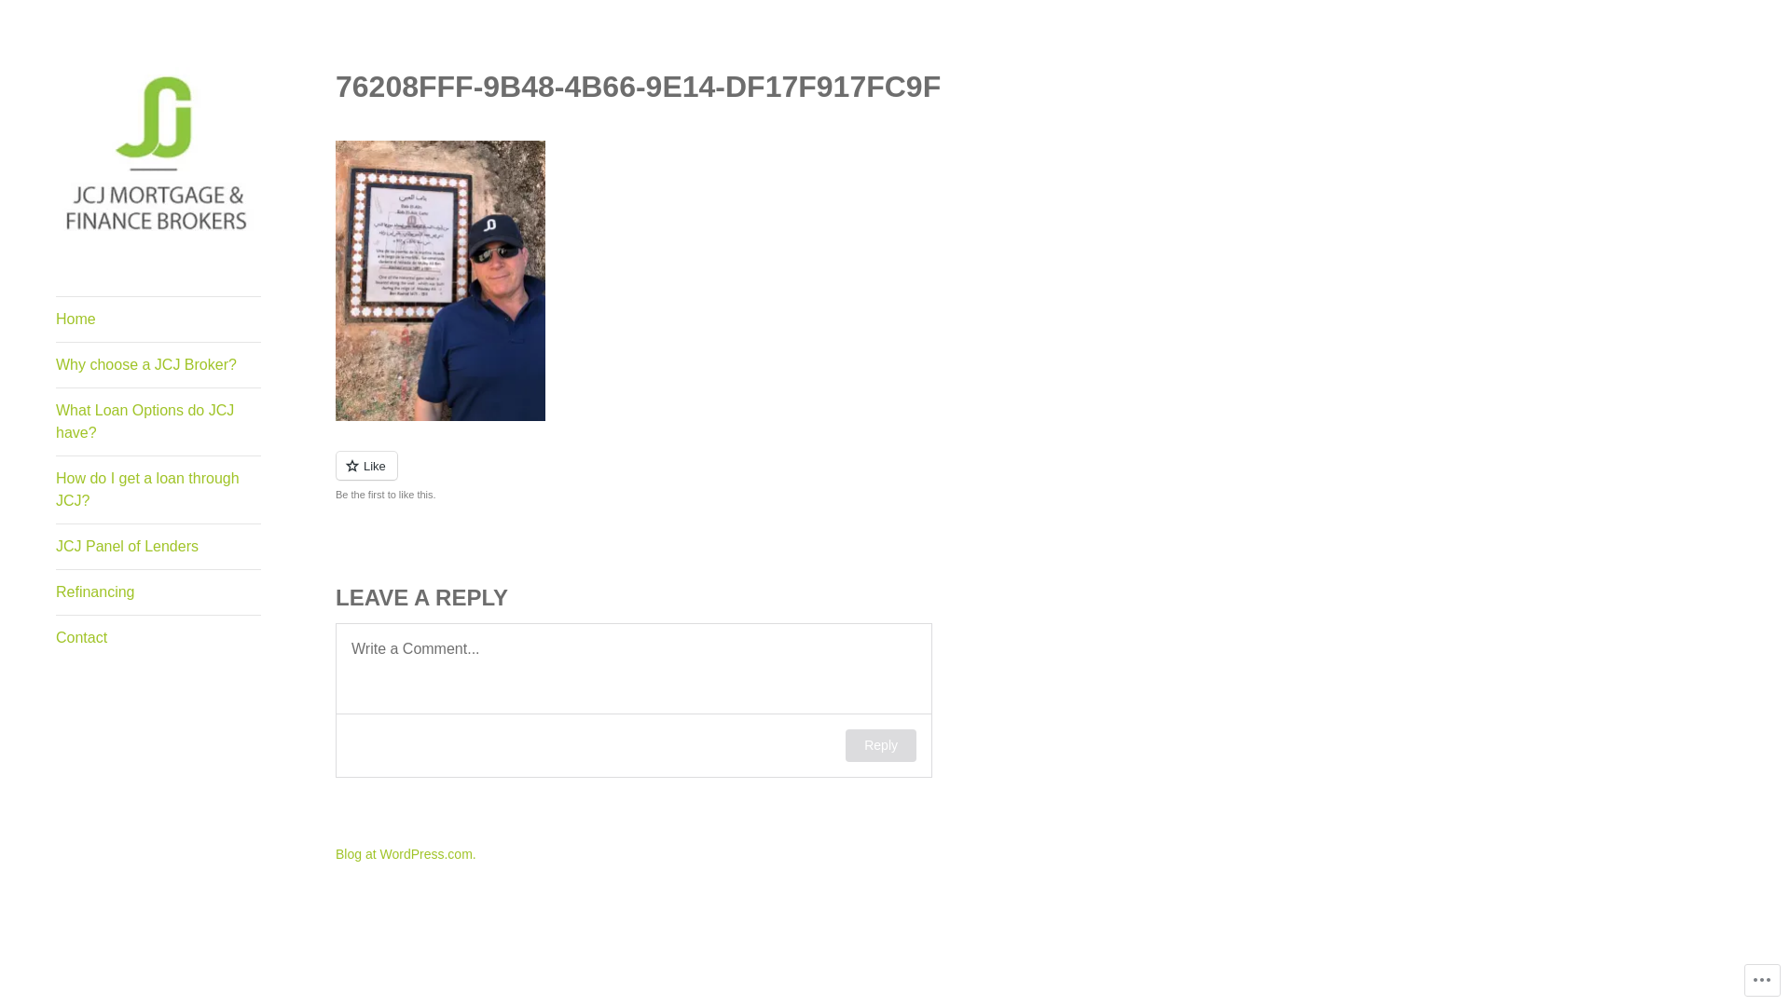 This screenshot has width=1790, height=1006. What do you see at coordinates (158, 592) in the screenshot?
I see `'Refinancing'` at bounding box center [158, 592].